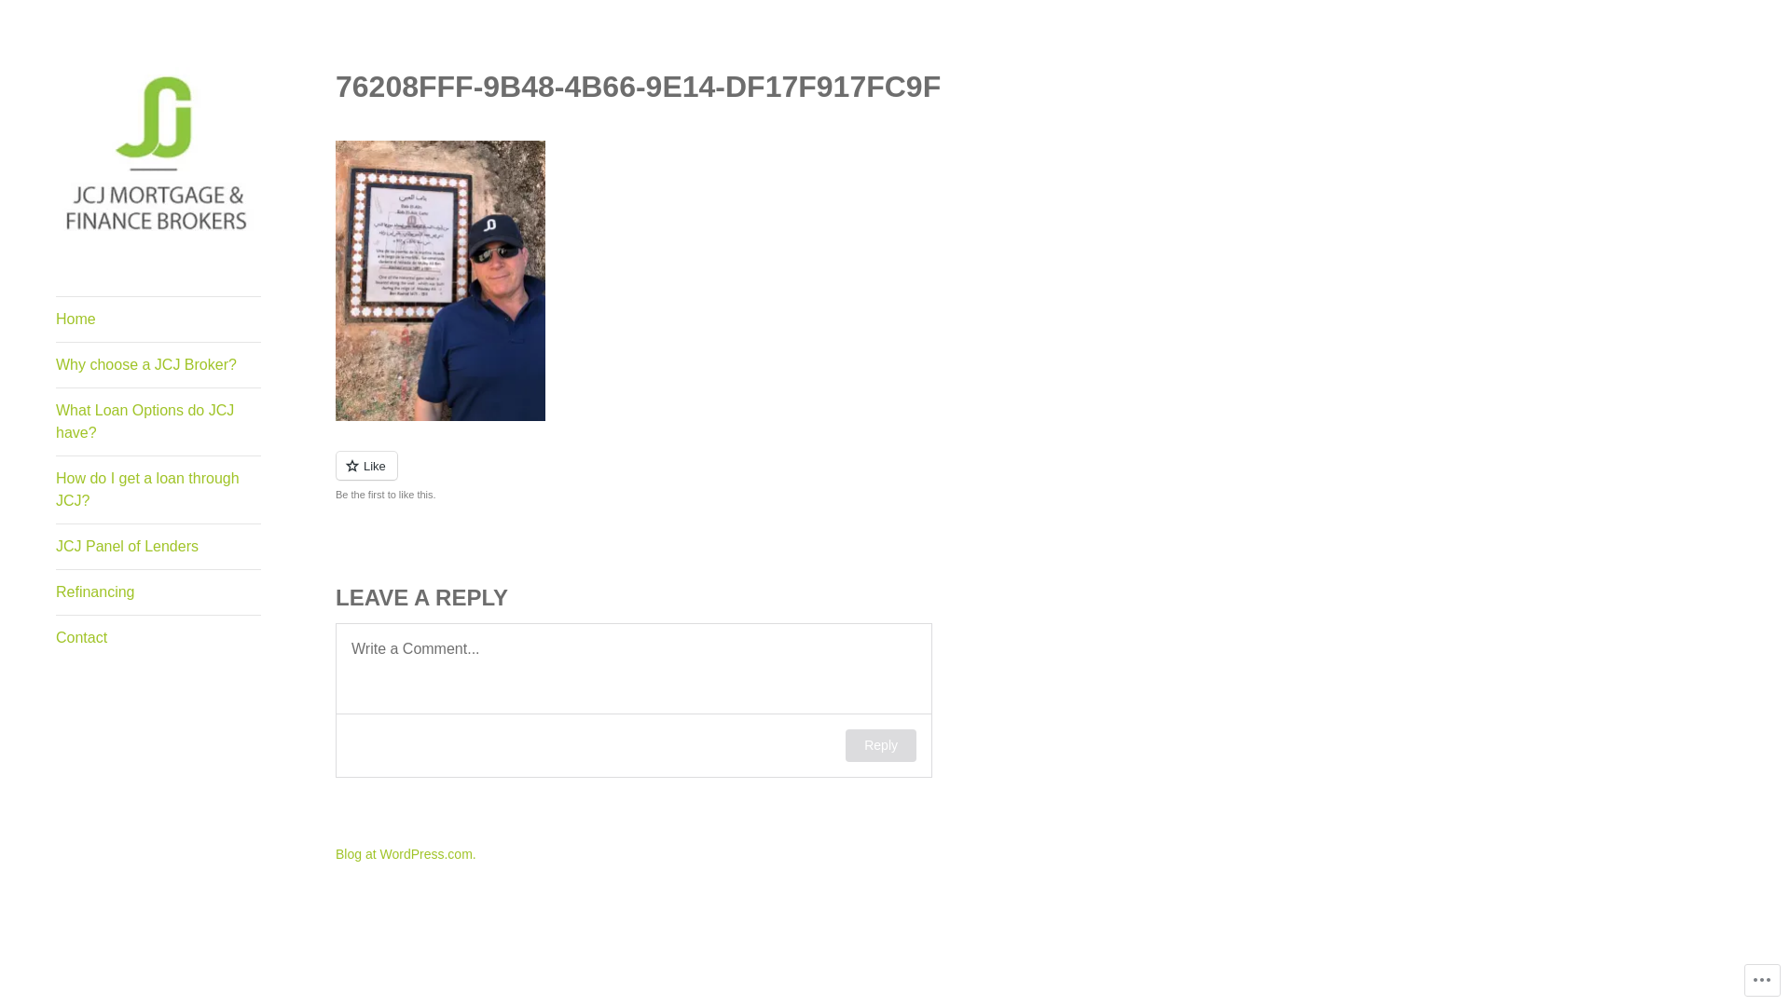 This screenshot has width=1790, height=1006. What do you see at coordinates (158, 592) in the screenshot?
I see `'Refinancing'` at bounding box center [158, 592].